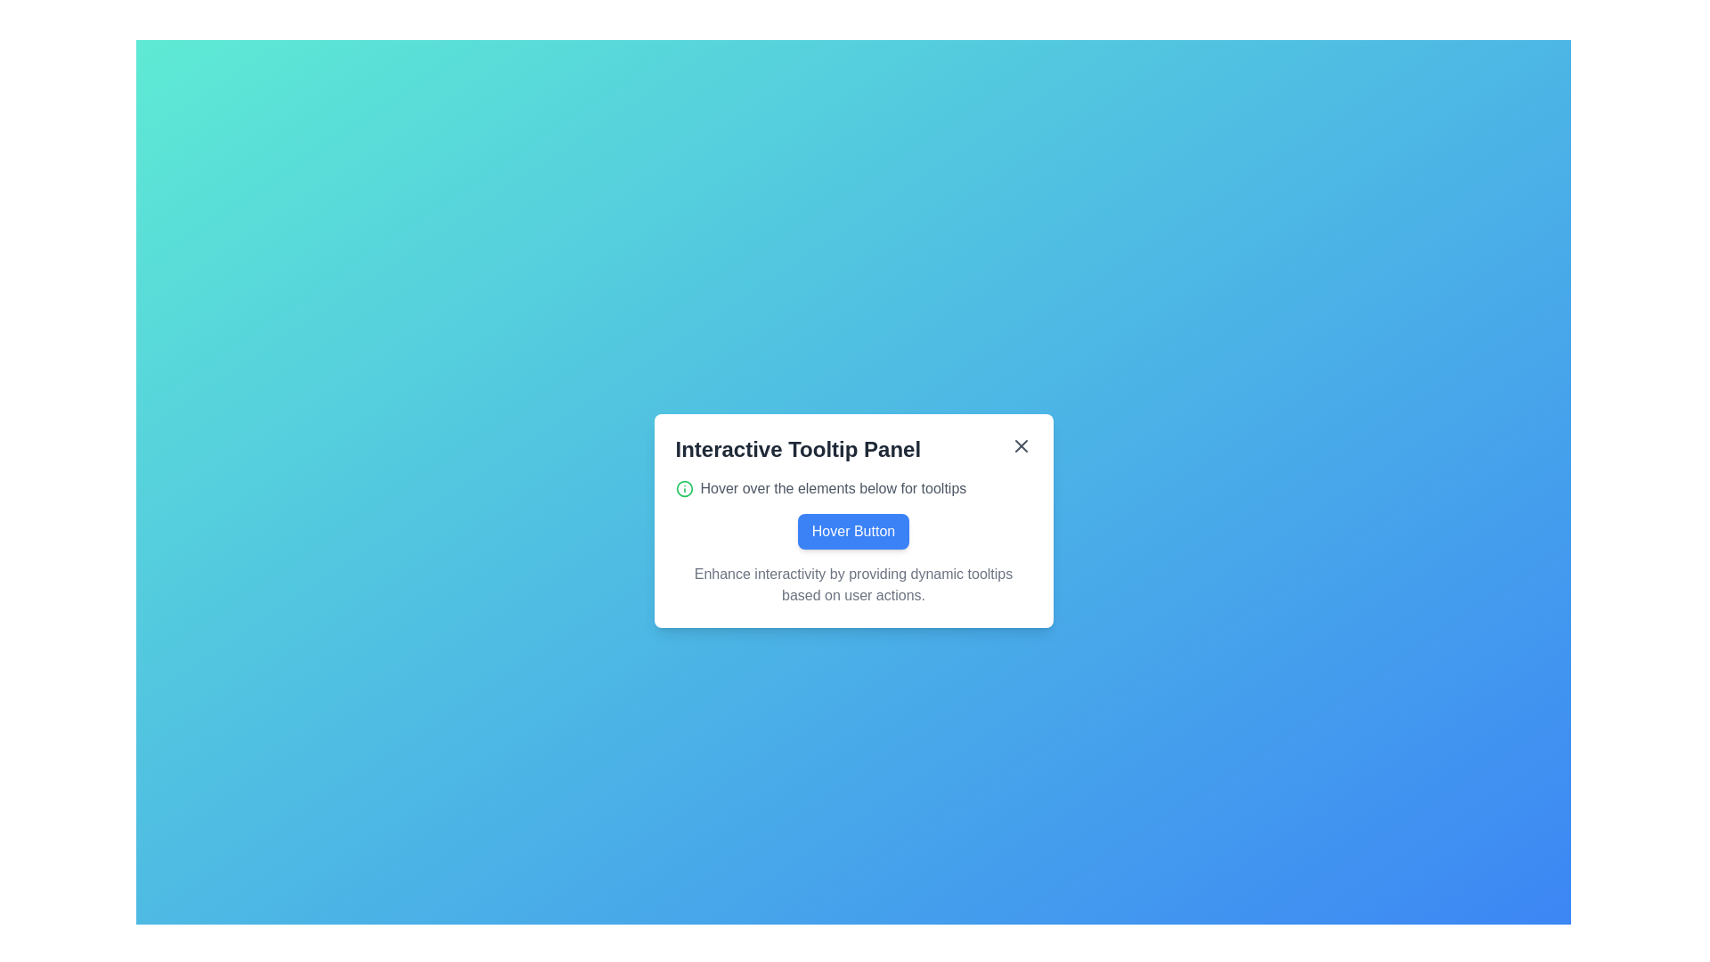  What do you see at coordinates (833, 488) in the screenshot?
I see `the static text indicating usage instructions, positioned immediately to the right of the green information icon in the dialog box` at bounding box center [833, 488].